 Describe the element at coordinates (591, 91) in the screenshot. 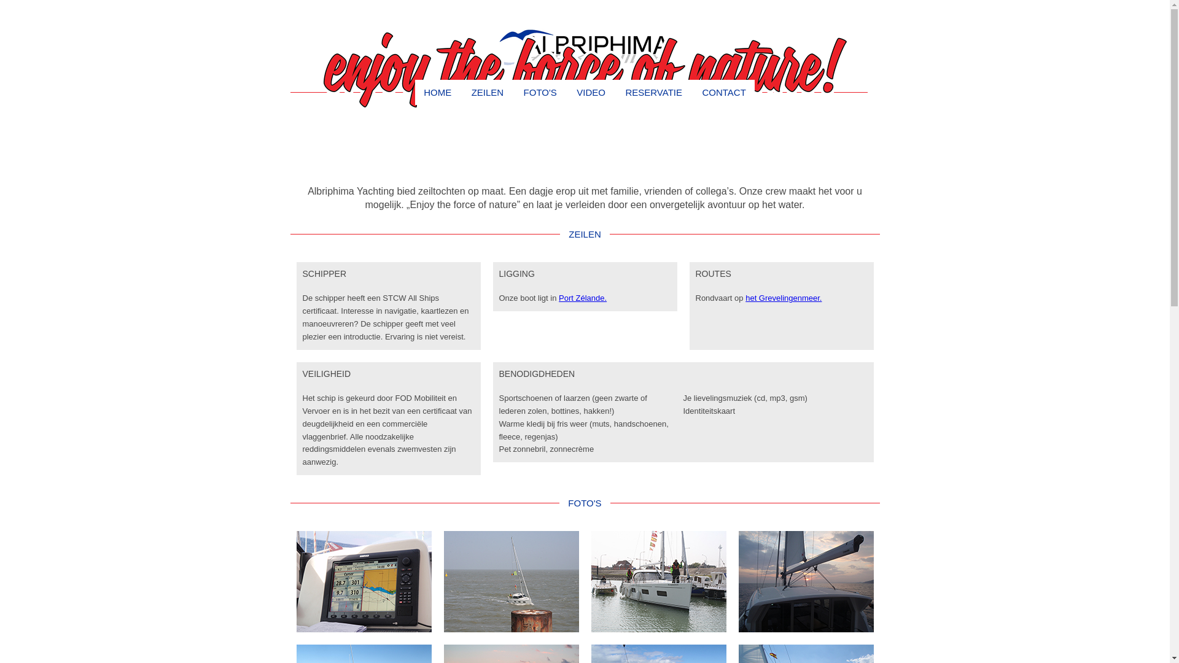

I see `'VIDEO'` at that location.